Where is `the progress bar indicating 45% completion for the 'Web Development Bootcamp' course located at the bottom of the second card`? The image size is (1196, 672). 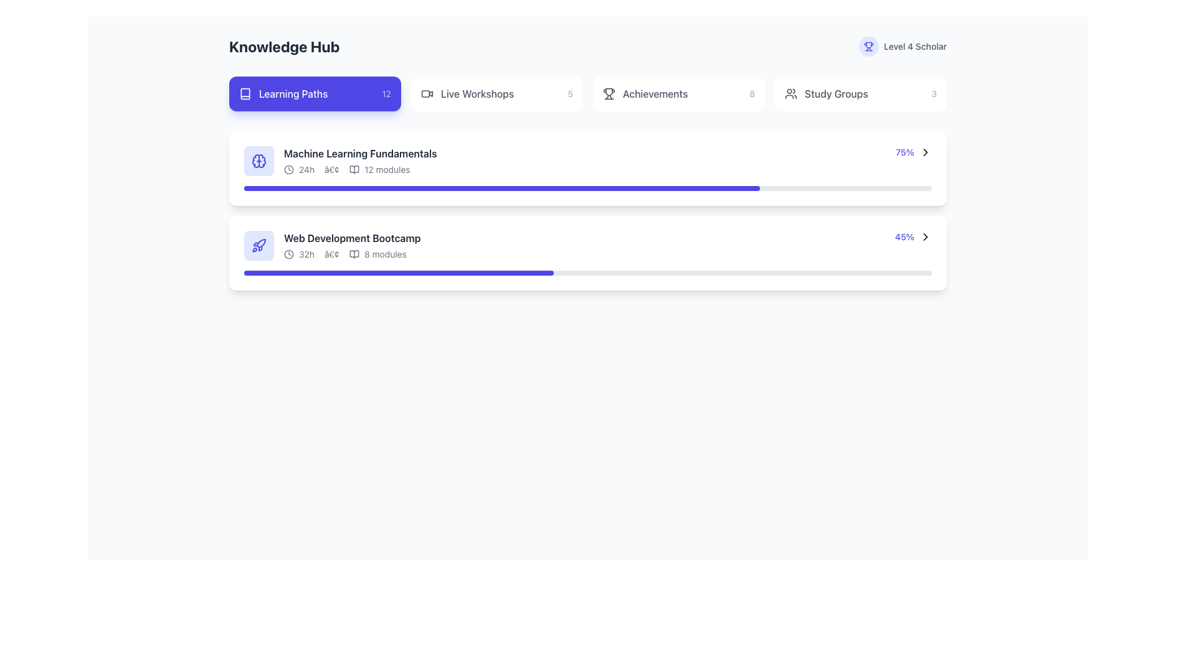
the progress bar indicating 45% completion for the 'Web Development Bootcamp' course located at the bottom of the second card is located at coordinates (399, 273).